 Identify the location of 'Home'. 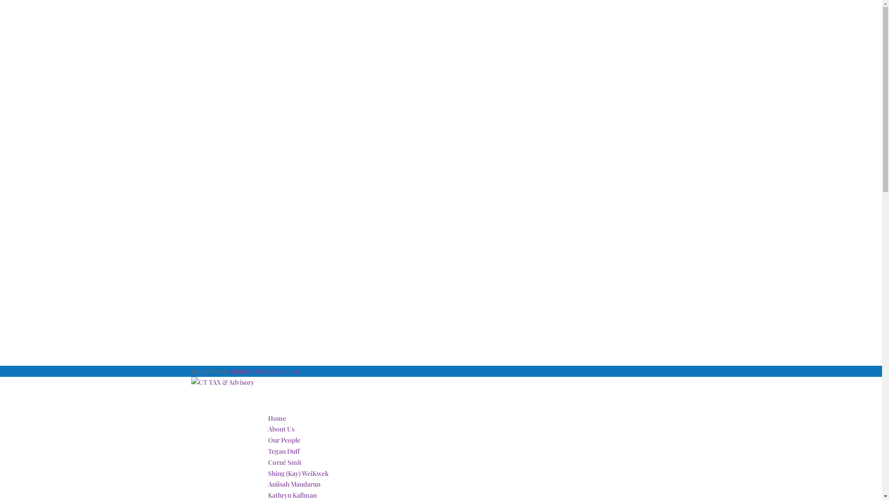
(276, 431).